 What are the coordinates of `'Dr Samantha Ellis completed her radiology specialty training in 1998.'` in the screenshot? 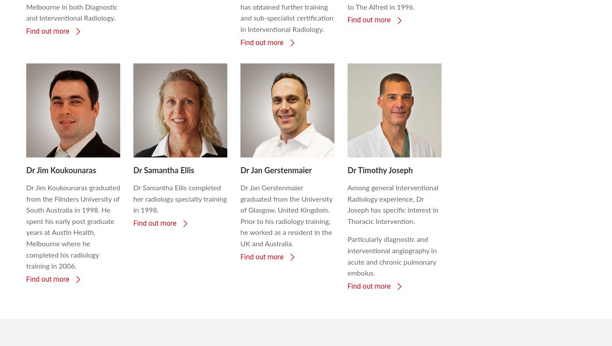 It's located at (180, 58).